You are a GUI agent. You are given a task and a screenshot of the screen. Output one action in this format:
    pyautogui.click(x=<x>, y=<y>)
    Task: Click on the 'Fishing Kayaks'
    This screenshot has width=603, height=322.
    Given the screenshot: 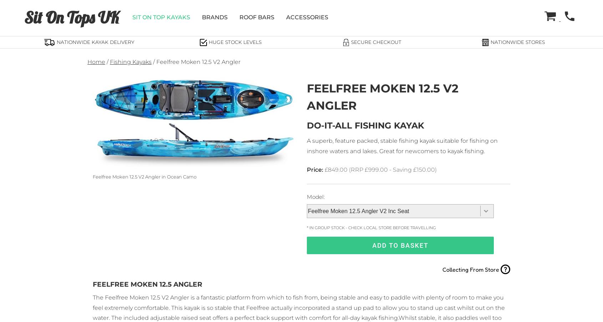 What is the action you would take?
    pyautogui.click(x=110, y=61)
    